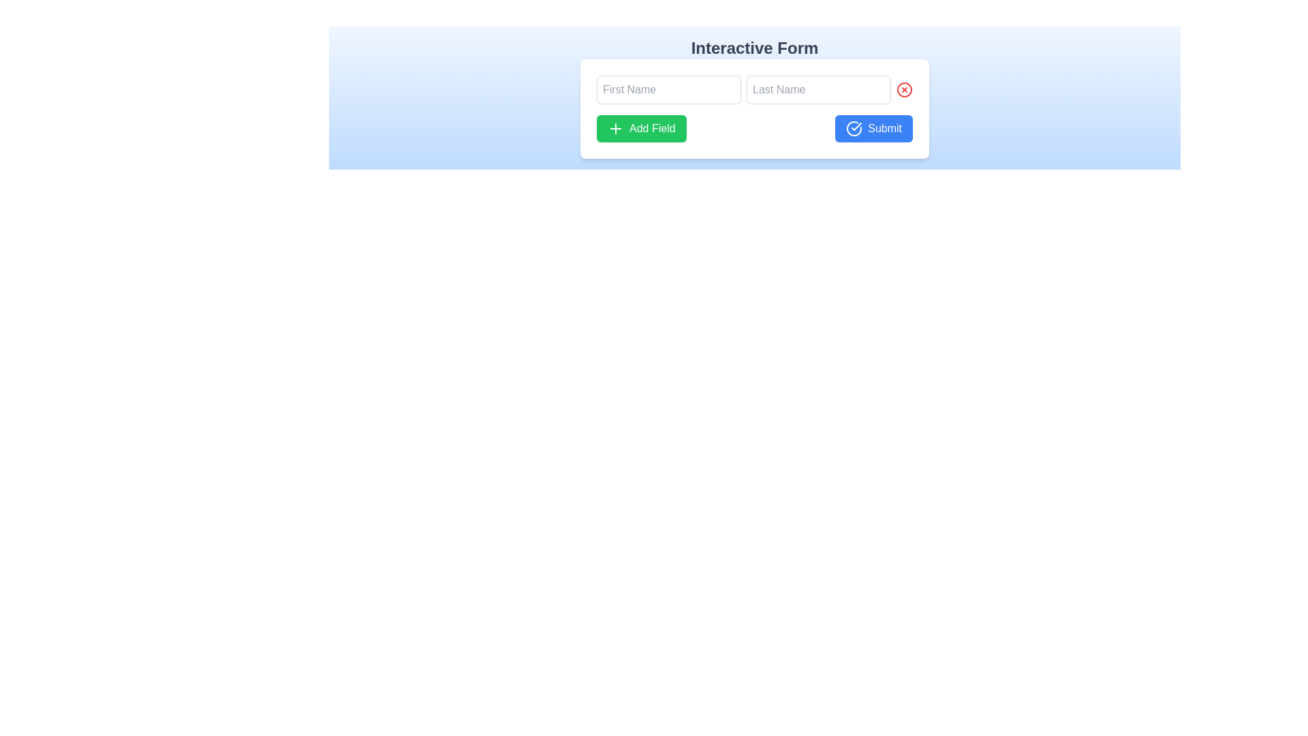  Describe the element at coordinates (856, 126) in the screenshot. I see `the small checkmark icon within the blue submit button, which is part of an SVG graphic` at that location.